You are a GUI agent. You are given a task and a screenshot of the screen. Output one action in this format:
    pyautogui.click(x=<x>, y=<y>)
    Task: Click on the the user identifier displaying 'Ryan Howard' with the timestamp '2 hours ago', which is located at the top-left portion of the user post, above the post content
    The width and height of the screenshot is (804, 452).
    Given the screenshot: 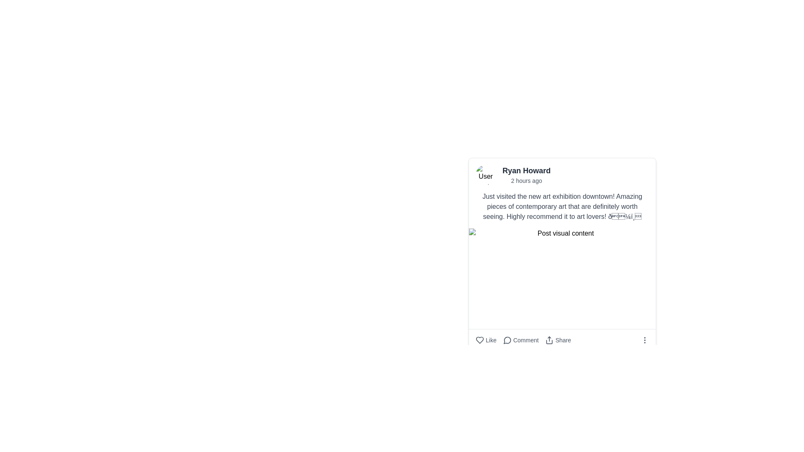 What is the action you would take?
    pyautogui.click(x=562, y=174)
    